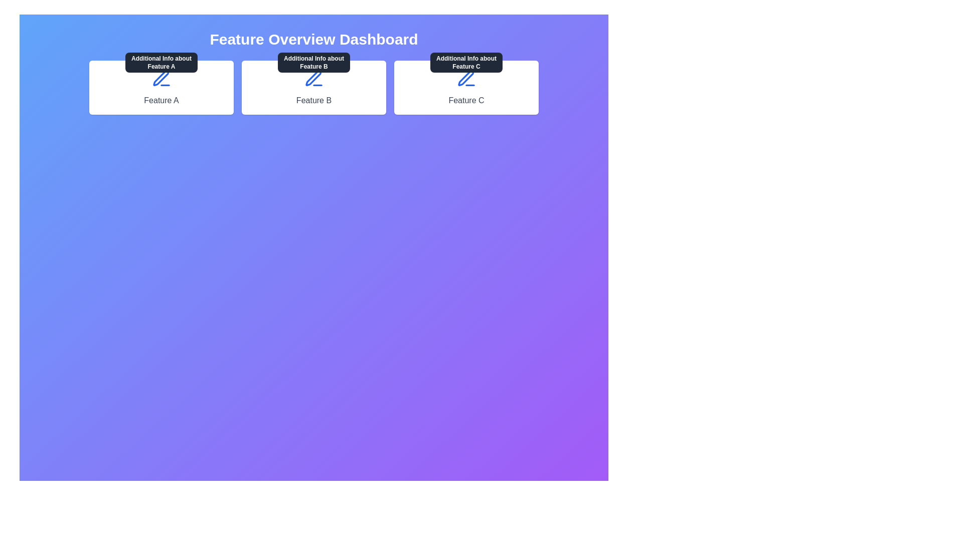 The image size is (963, 541). I want to click on the editing icon for 'Feature B', so click(313, 78).